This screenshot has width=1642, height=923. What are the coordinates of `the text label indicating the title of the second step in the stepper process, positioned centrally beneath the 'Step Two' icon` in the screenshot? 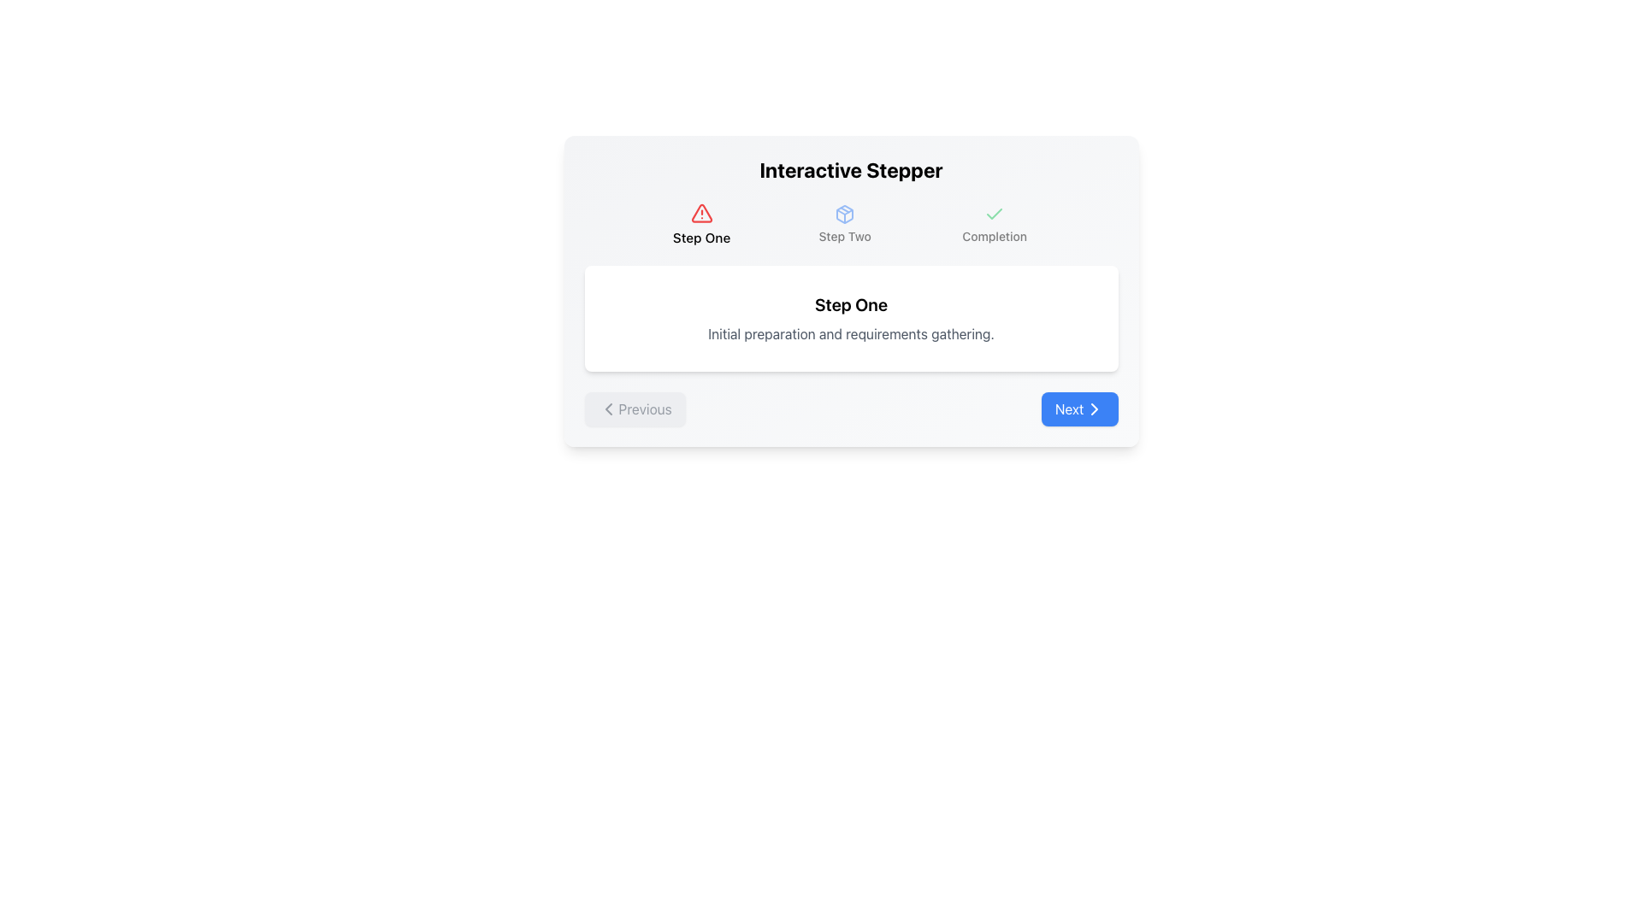 It's located at (845, 237).